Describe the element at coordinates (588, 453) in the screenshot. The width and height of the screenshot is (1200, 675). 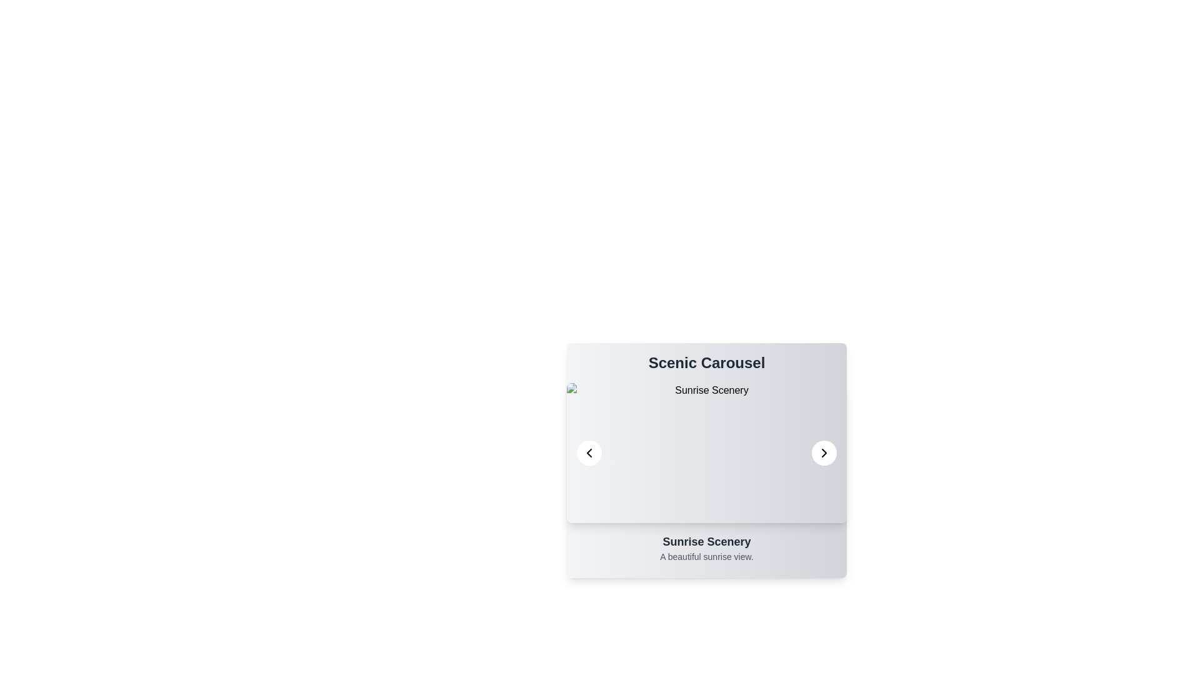
I see `left navigation button to view the previous item in the carousel` at that location.